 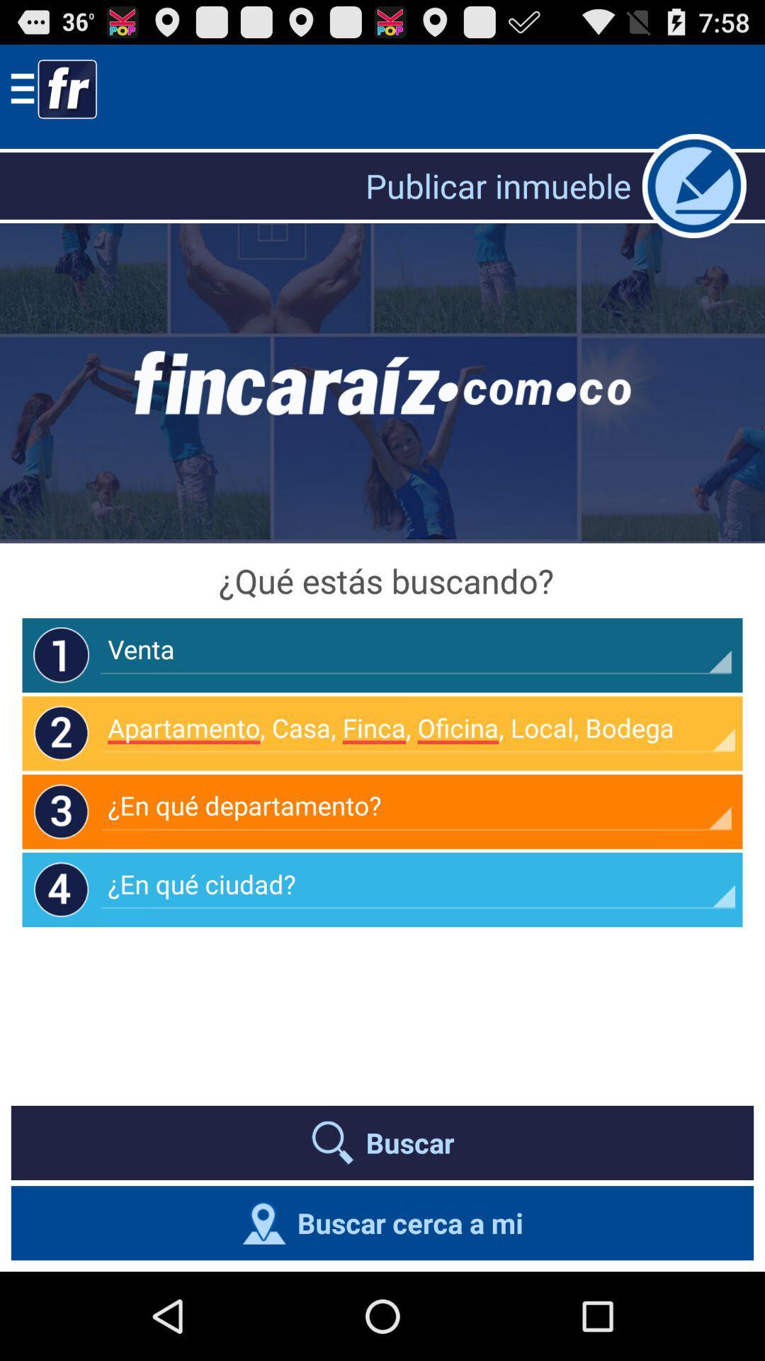 What do you see at coordinates (693, 185) in the screenshot?
I see `comments` at bounding box center [693, 185].